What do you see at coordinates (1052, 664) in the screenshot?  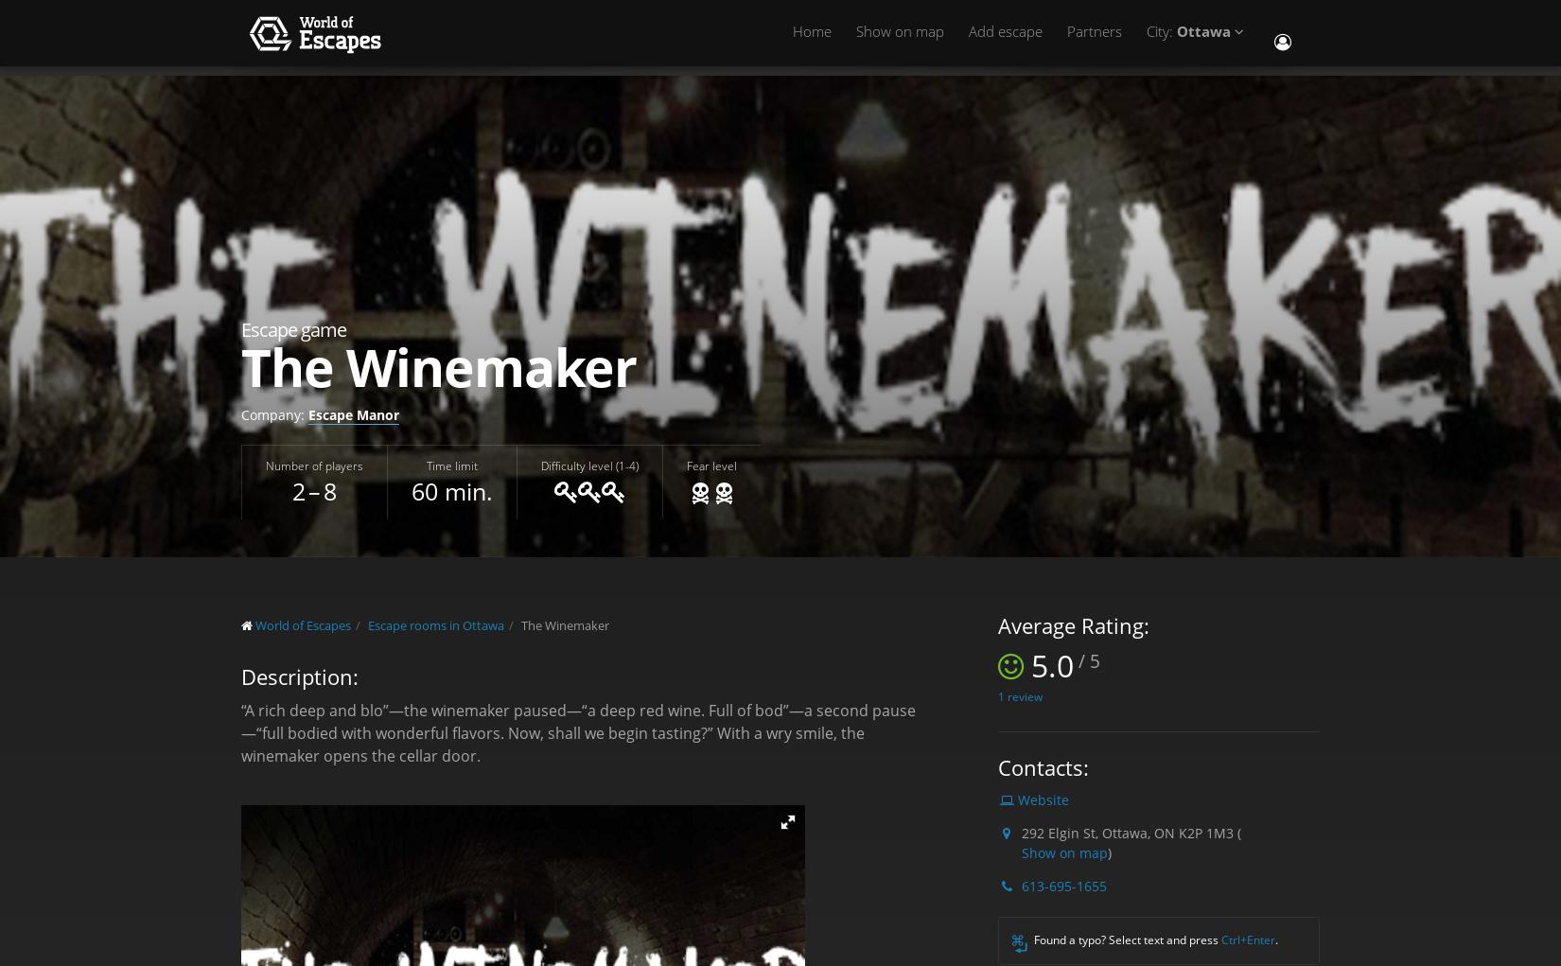 I see `'5.0'` at bounding box center [1052, 664].